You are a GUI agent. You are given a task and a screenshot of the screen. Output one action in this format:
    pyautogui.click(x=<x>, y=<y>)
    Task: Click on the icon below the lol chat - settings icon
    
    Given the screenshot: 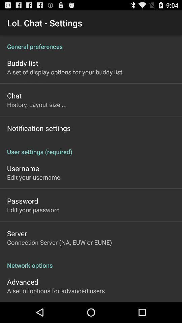 What is the action you would take?
    pyautogui.click(x=91, y=42)
    